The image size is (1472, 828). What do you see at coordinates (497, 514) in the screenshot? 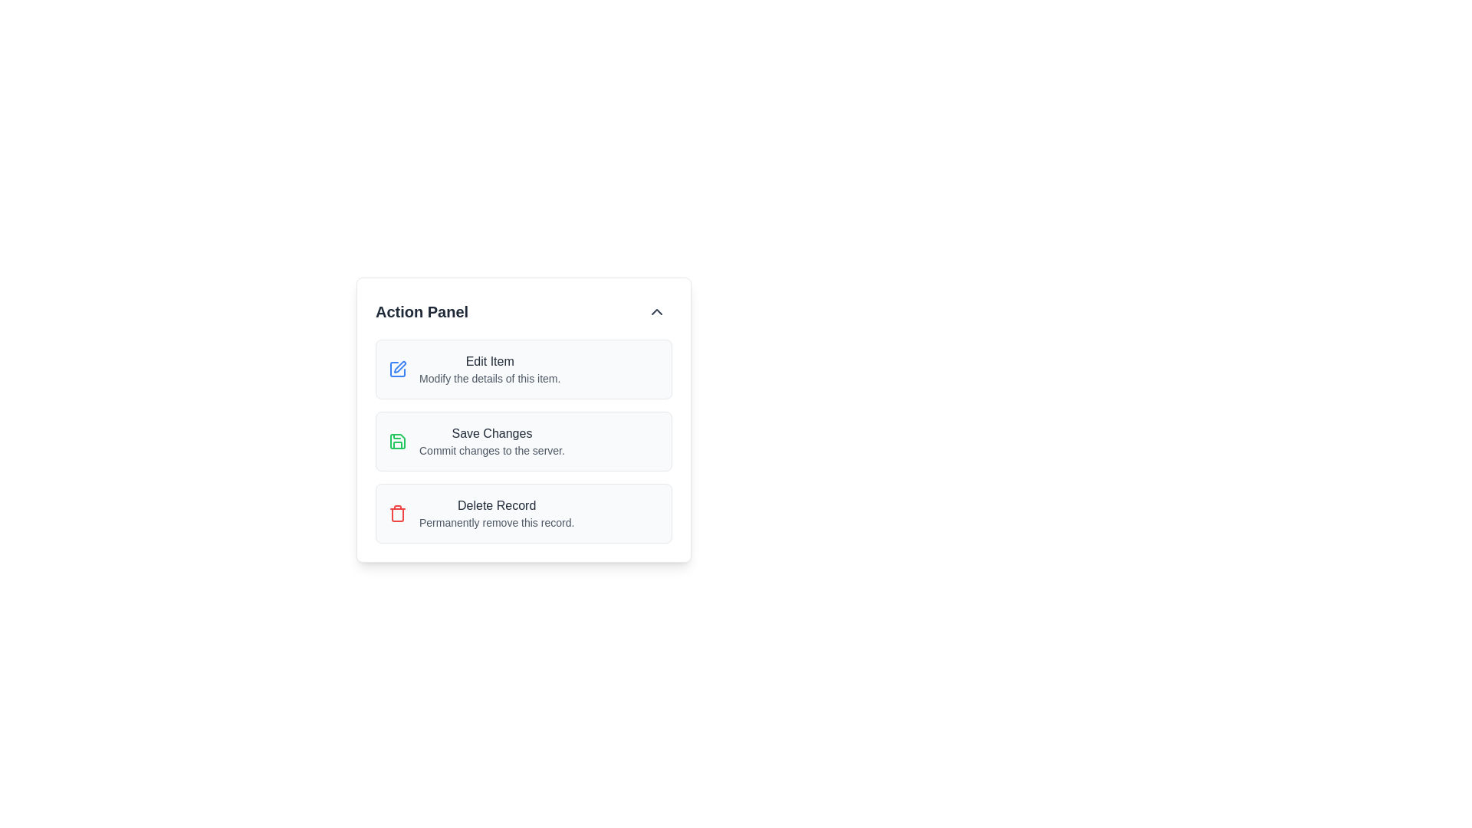
I see `the informational block that serves as a selectable action item for deleting a record permanently, located as the third item in the 'Action Panel' group` at bounding box center [497, 514].